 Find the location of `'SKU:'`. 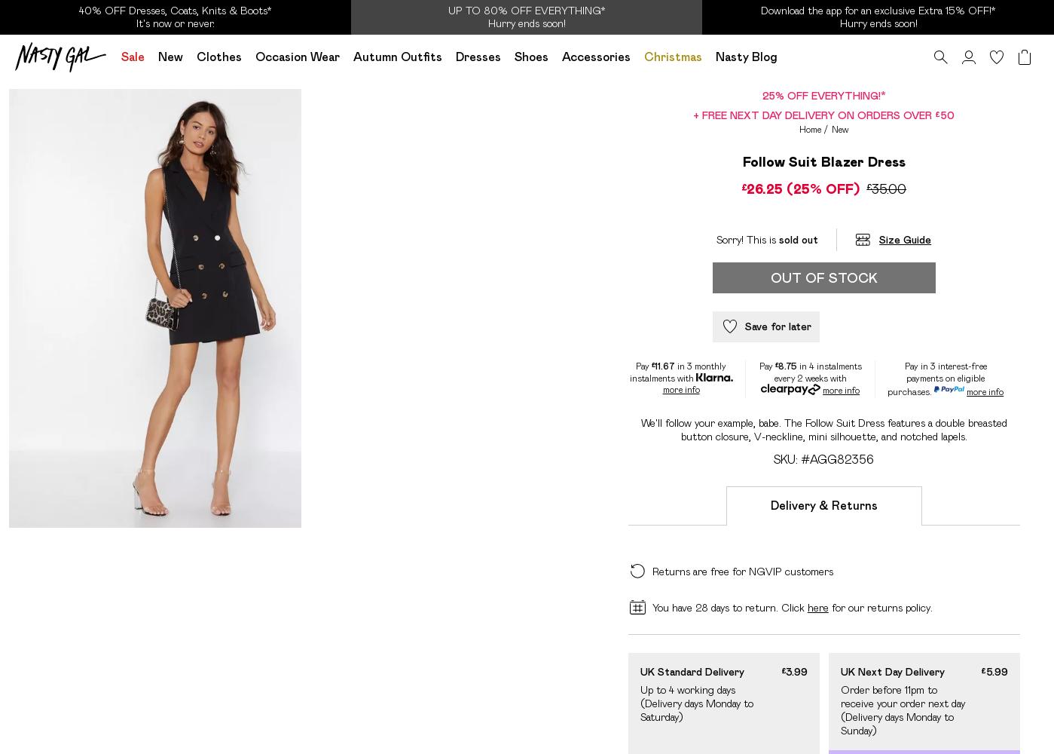

'SKU:' is located at coordinates (787, 458).